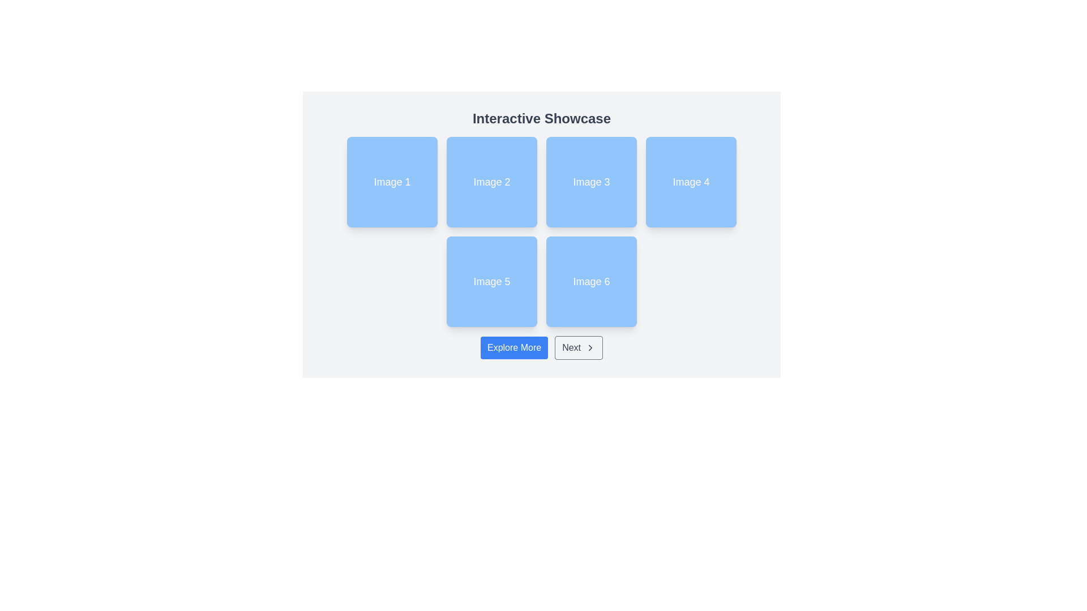 The image size is (1087, 611). What do you see at coordinates (690, 181) in the screenshot?
I see `the Tile/Button labeled 'Image 4', which is located in the first row and fourth column of the grid layout` at bounding box center [690, 181].